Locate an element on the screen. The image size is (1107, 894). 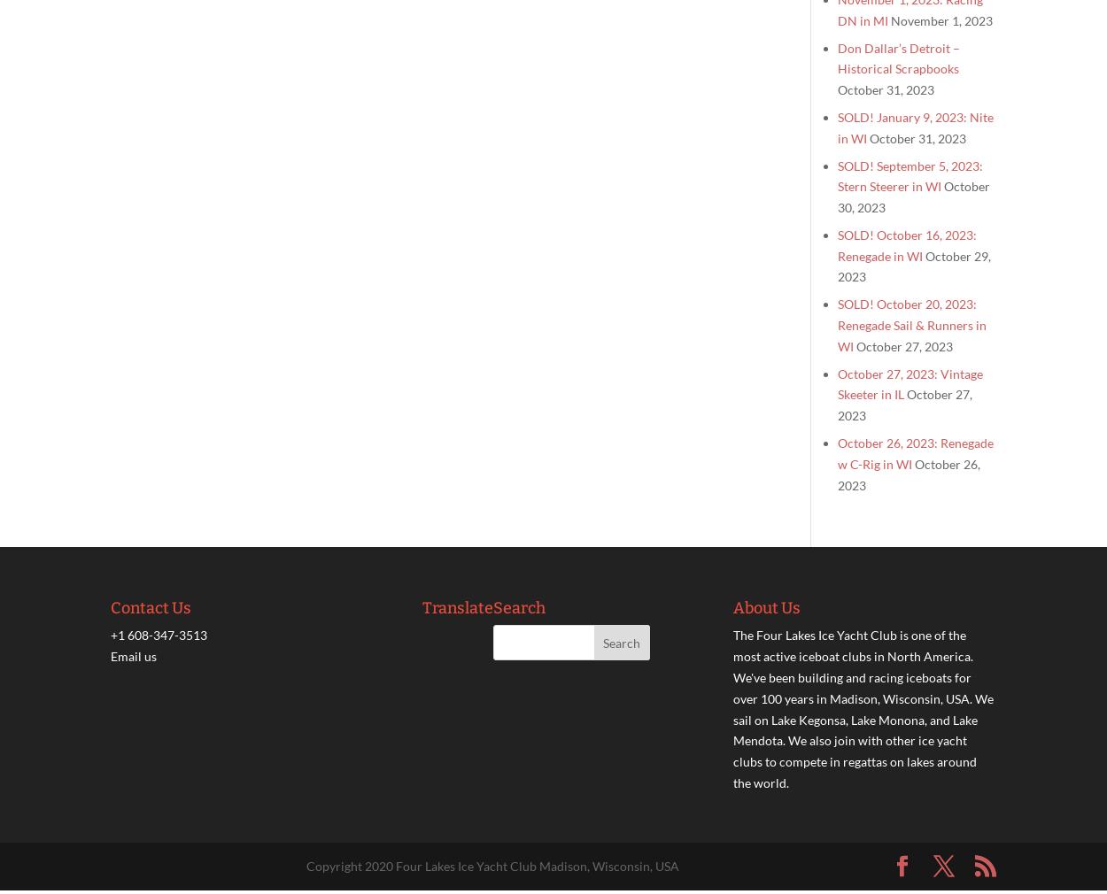
'SOLD! October 16, 2023: Renegade in WI' is located at coordinates (907, 244).